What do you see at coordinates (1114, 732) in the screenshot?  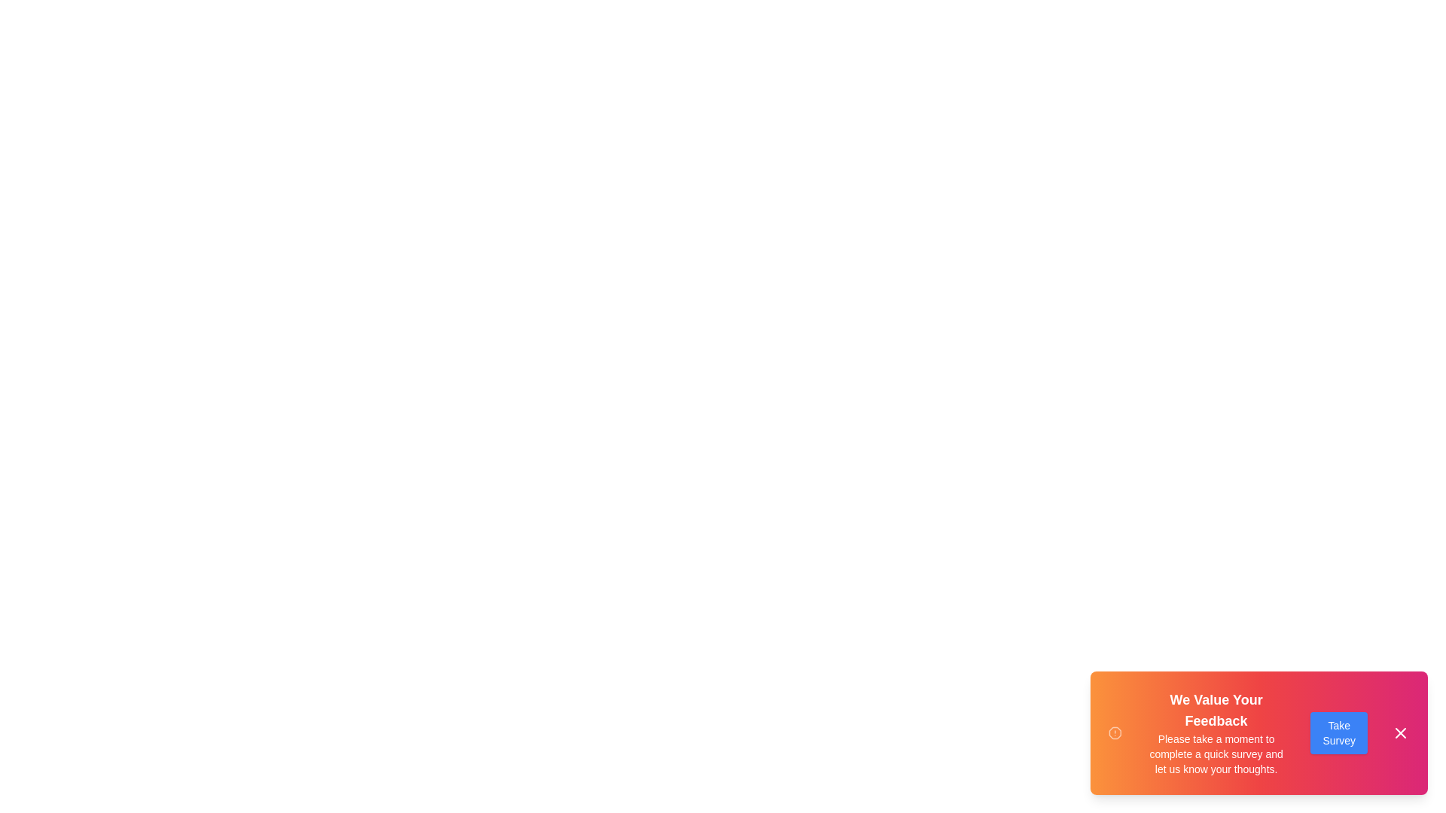 I see `the 'AlertOctagon' icon to inspect its functionality` at bounding box center [1114, 732].